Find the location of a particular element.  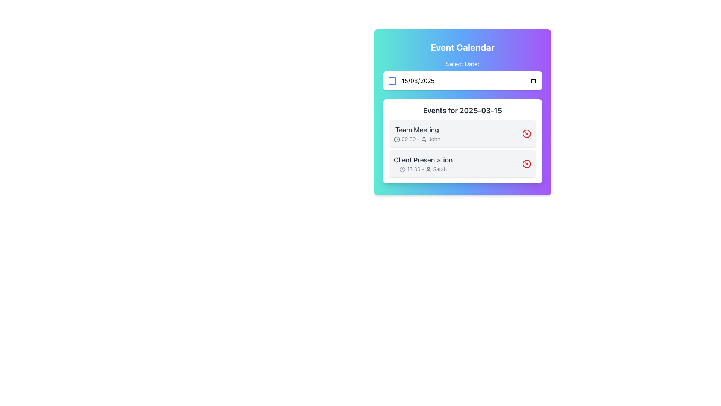

the delete button for the 'Client Presentation' item located on the right side of the event in the calendar interface is located at coordinates (526, 163).